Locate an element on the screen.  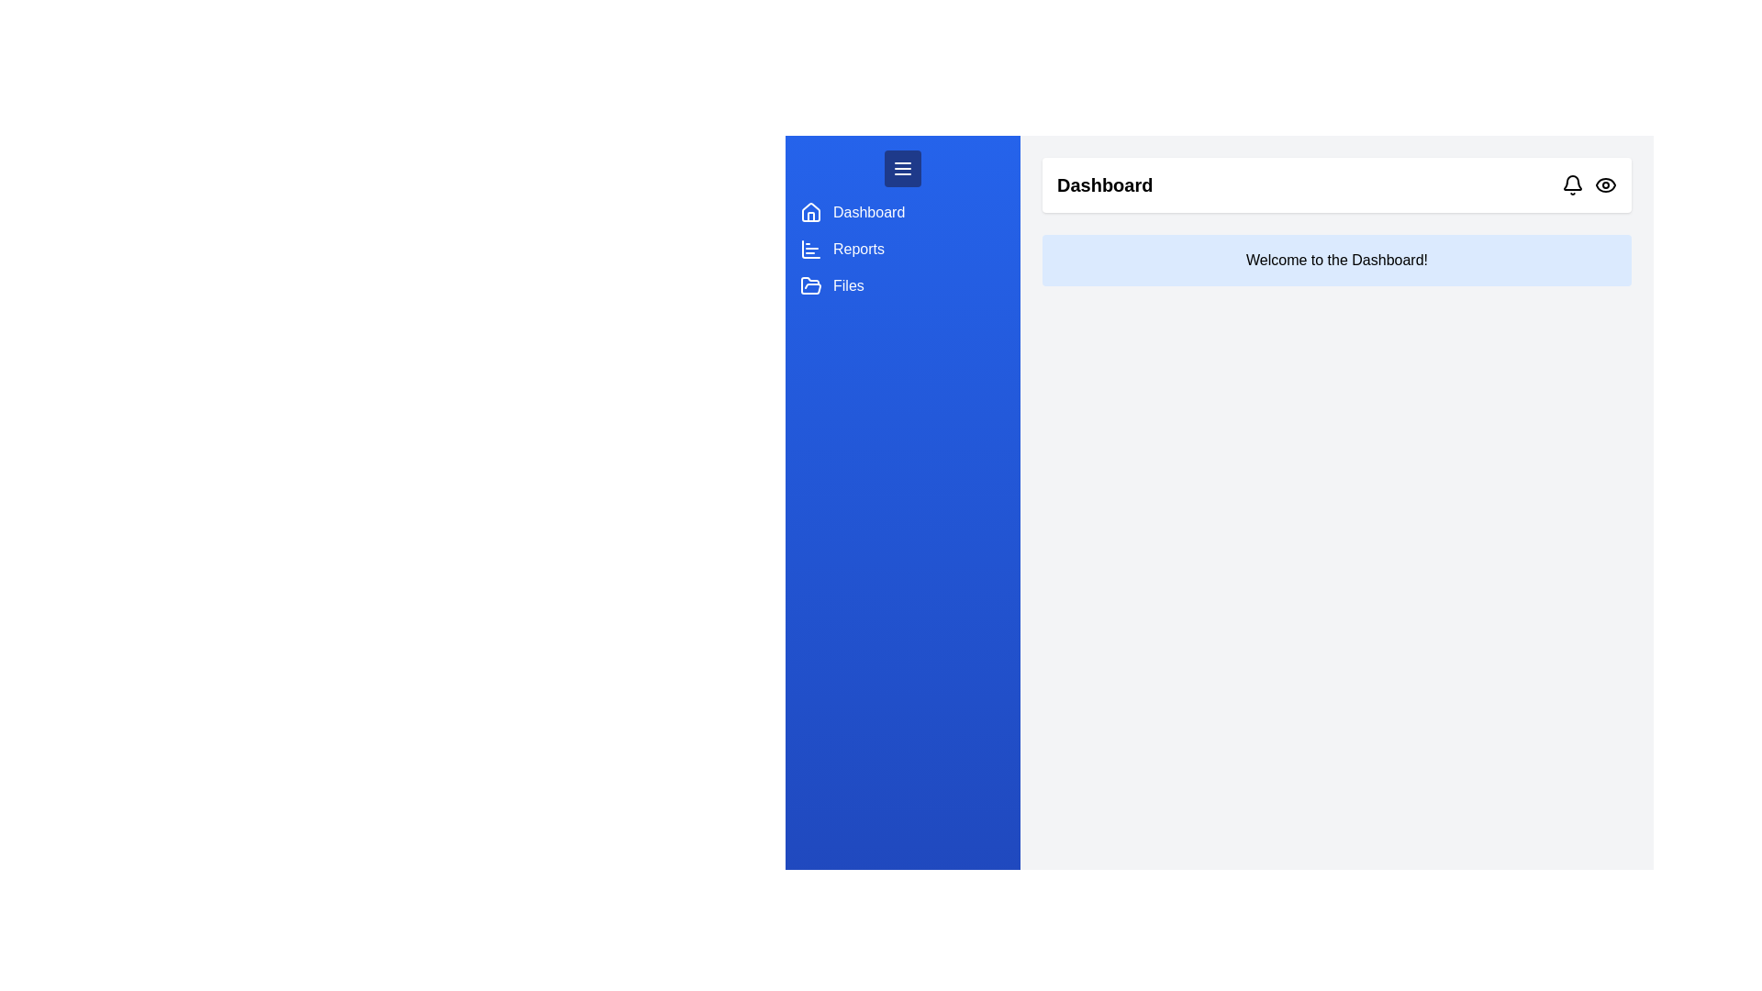
the folder icon located in the left navigation bar, which is the third icon from the top and represents the 'Files' section is located at coordinates (809, 286).